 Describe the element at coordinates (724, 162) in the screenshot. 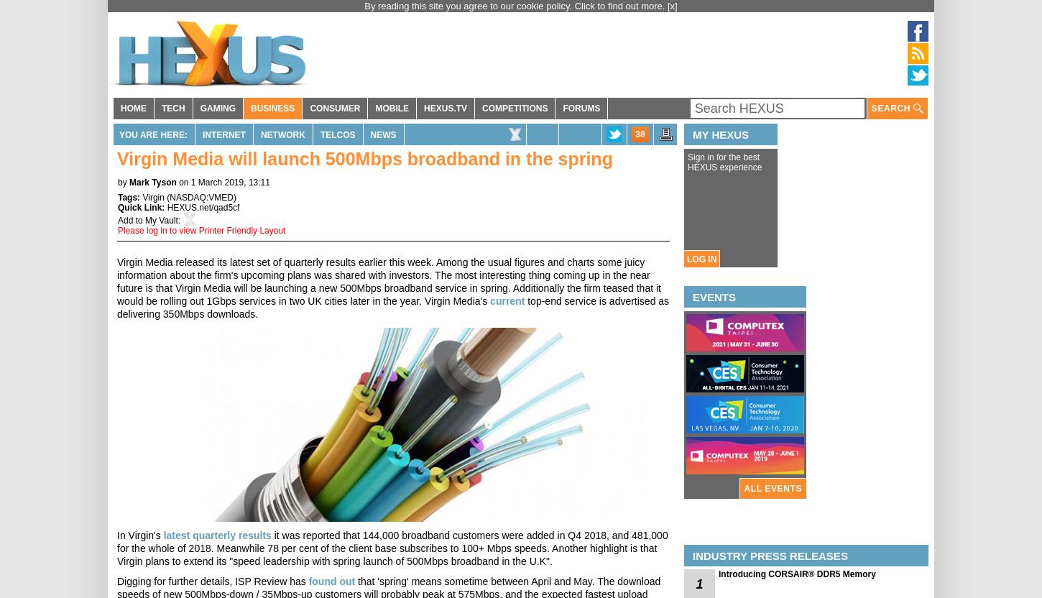

I see `'Sign in for the best HEXUS experience'` at that location.